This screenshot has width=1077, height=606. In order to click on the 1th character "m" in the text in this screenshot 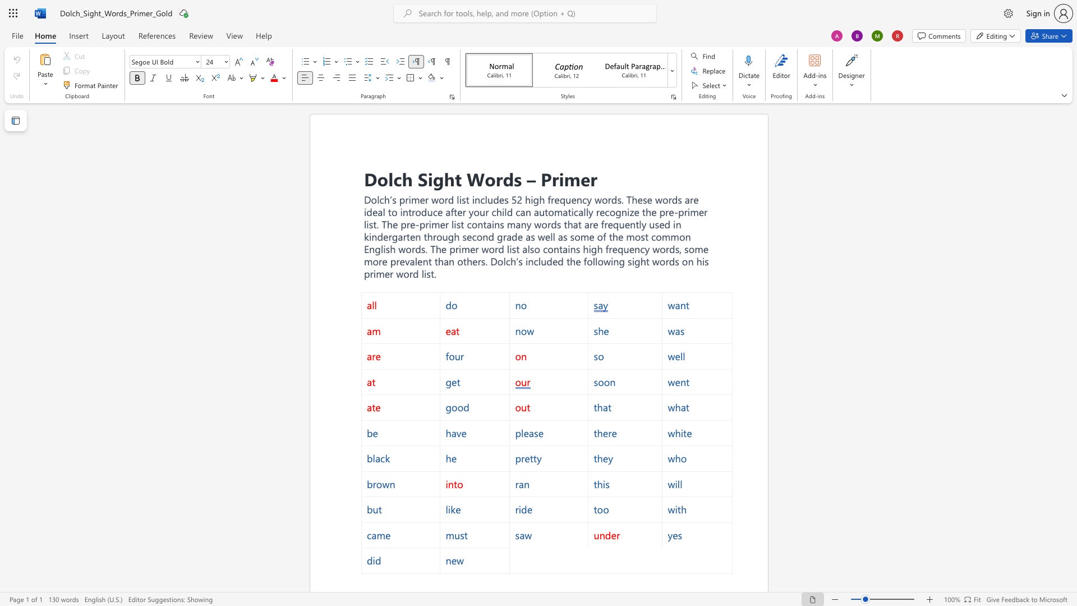, I will do `click(510, 224)`.